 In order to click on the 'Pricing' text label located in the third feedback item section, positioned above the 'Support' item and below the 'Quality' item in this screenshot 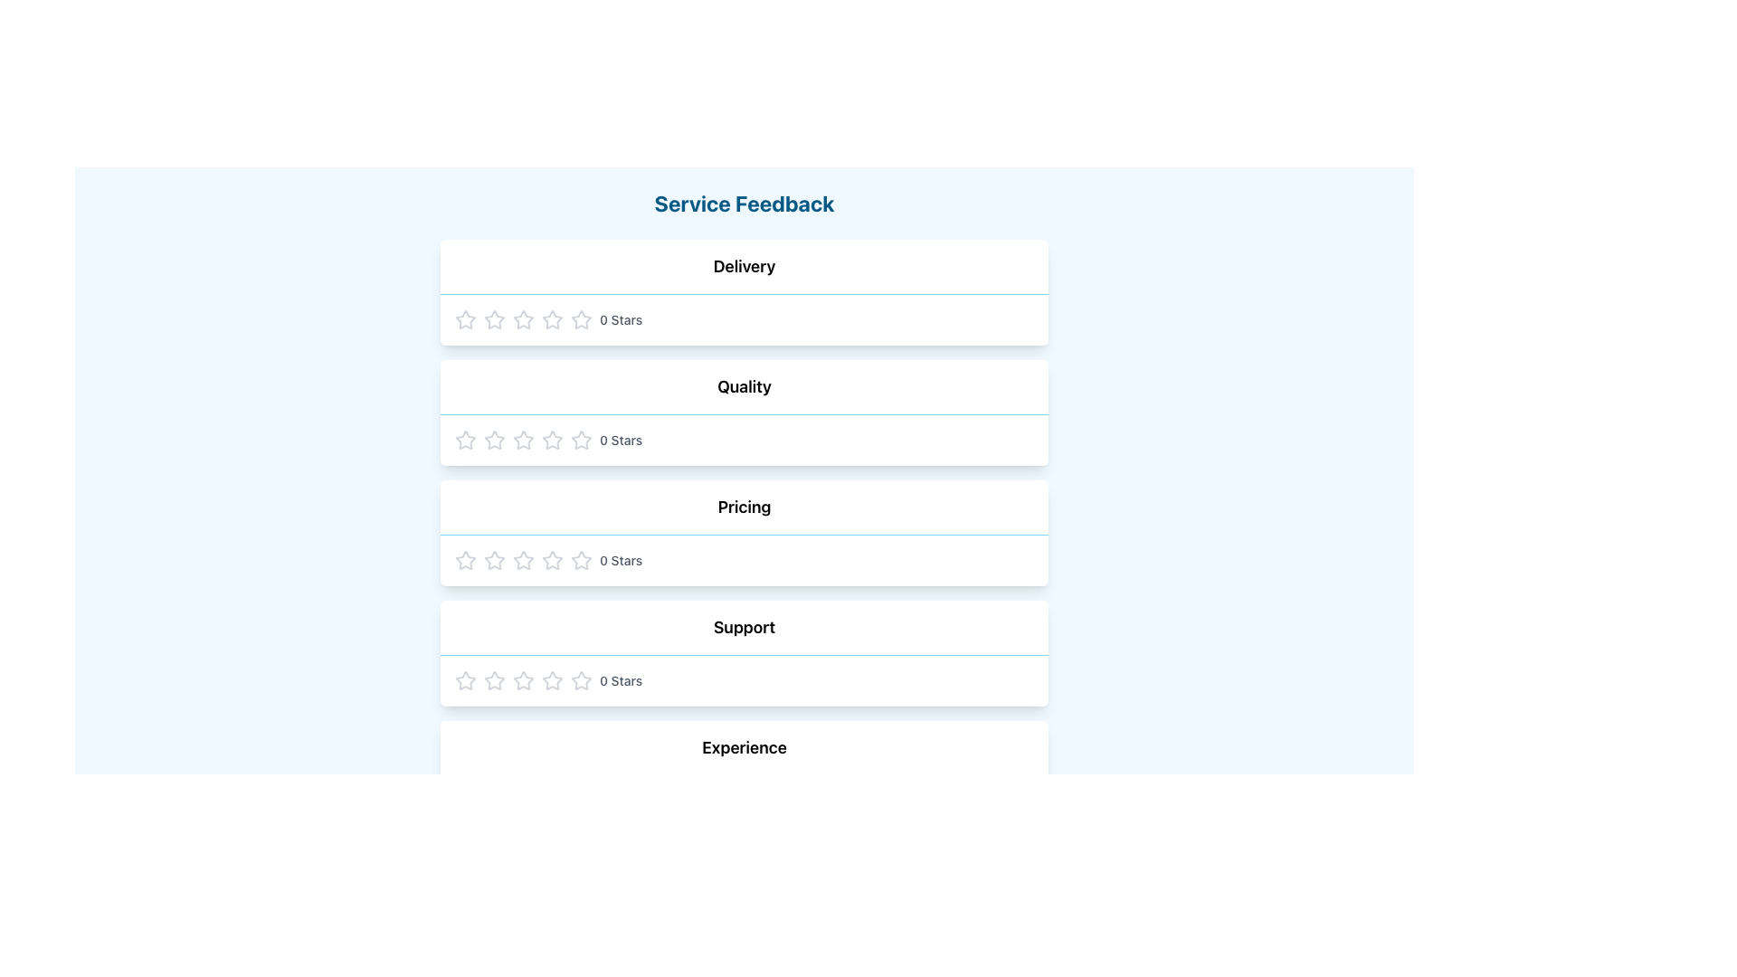, I will do `click(744, 507)`.